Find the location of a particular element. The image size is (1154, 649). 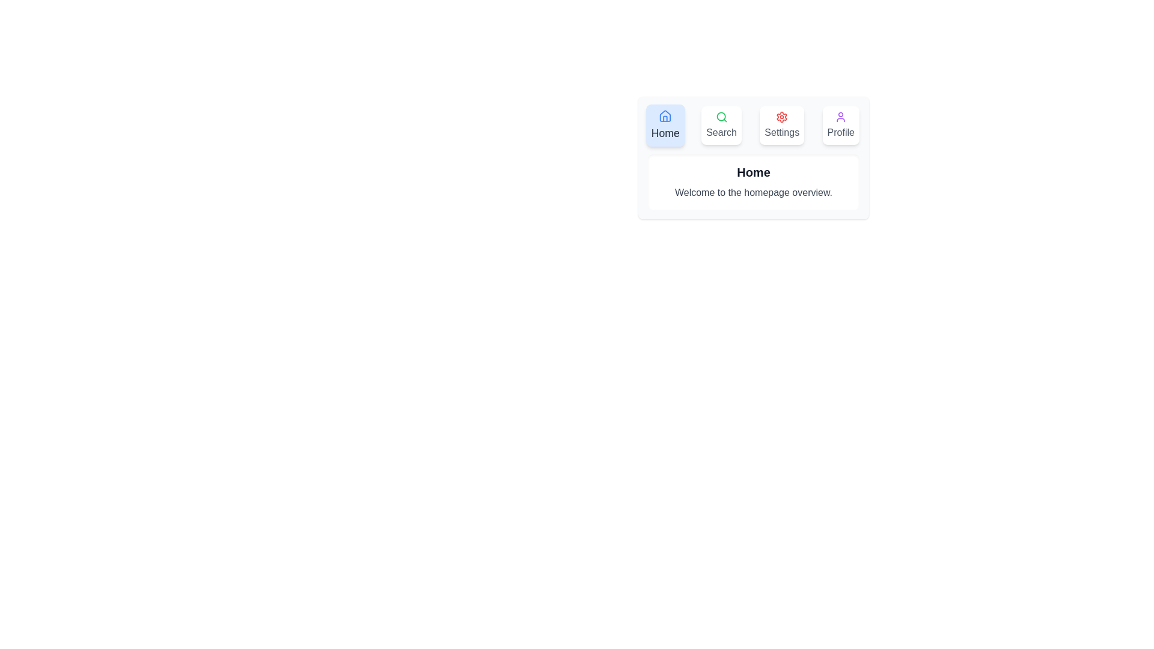

the Profile tab to switch its content is located at coordinates (840, 125).